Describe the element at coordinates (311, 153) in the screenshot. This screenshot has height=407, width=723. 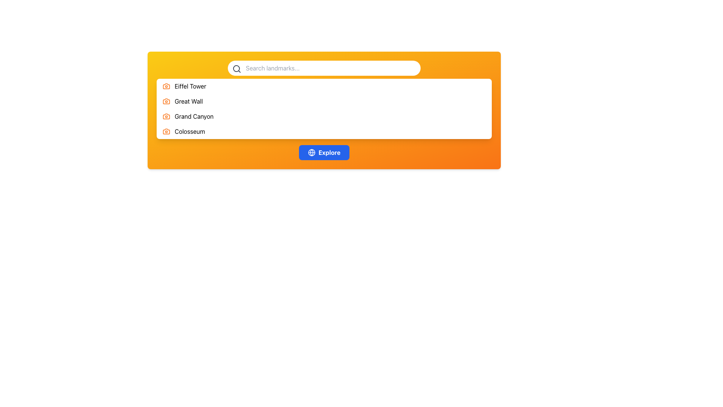
I see `the globe icon located at the top right of the main interface, adjacent to the search bar, which symbolizes global connectivity` at that location.